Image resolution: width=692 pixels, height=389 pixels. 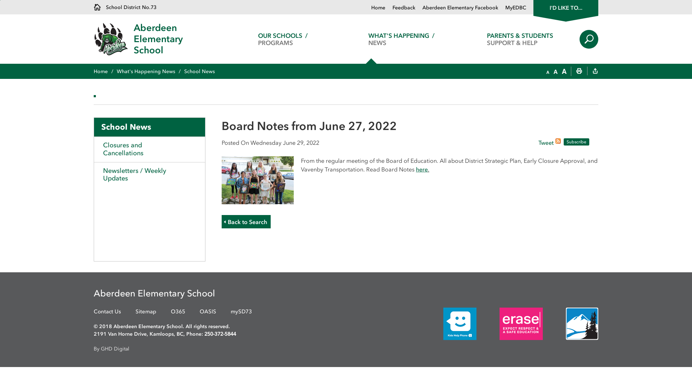 I want to click on 'Print This Page', so click(x=579, y=72).